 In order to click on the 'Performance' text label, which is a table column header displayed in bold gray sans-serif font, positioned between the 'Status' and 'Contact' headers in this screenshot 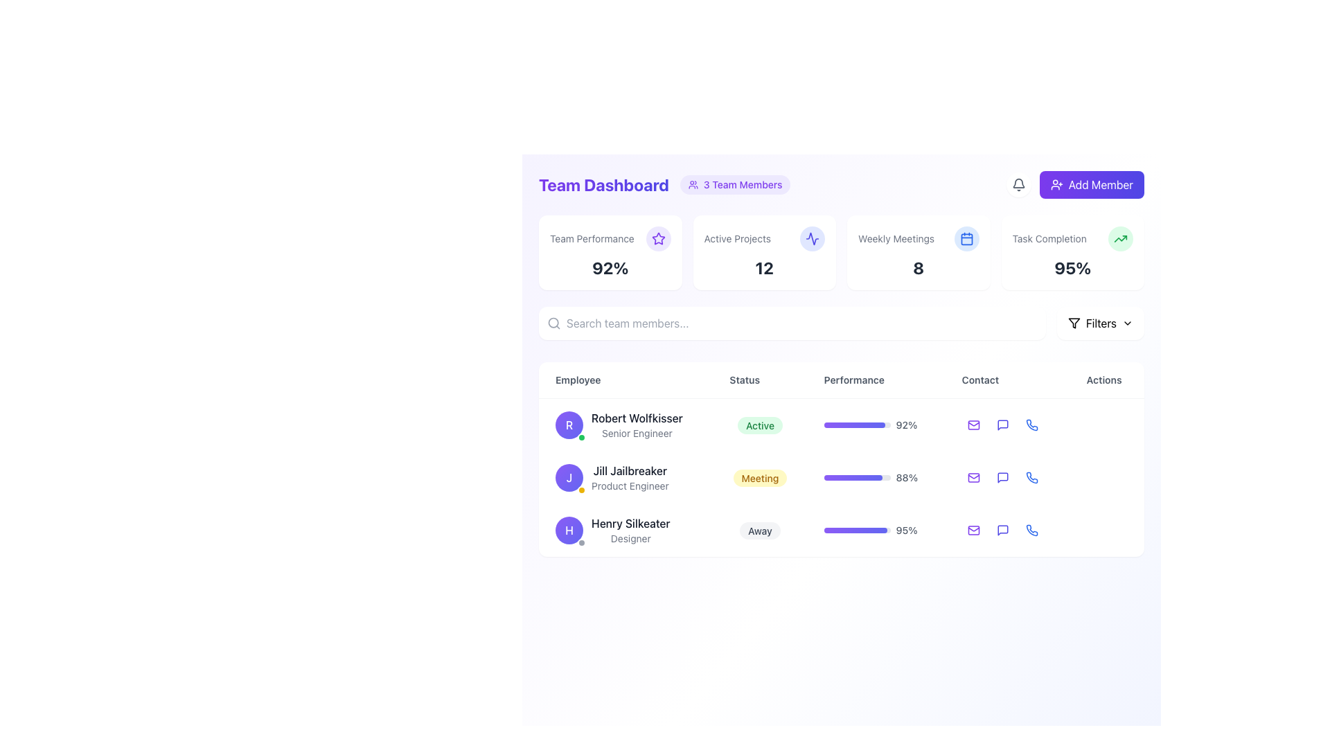, I will do `click(876, 380)`.